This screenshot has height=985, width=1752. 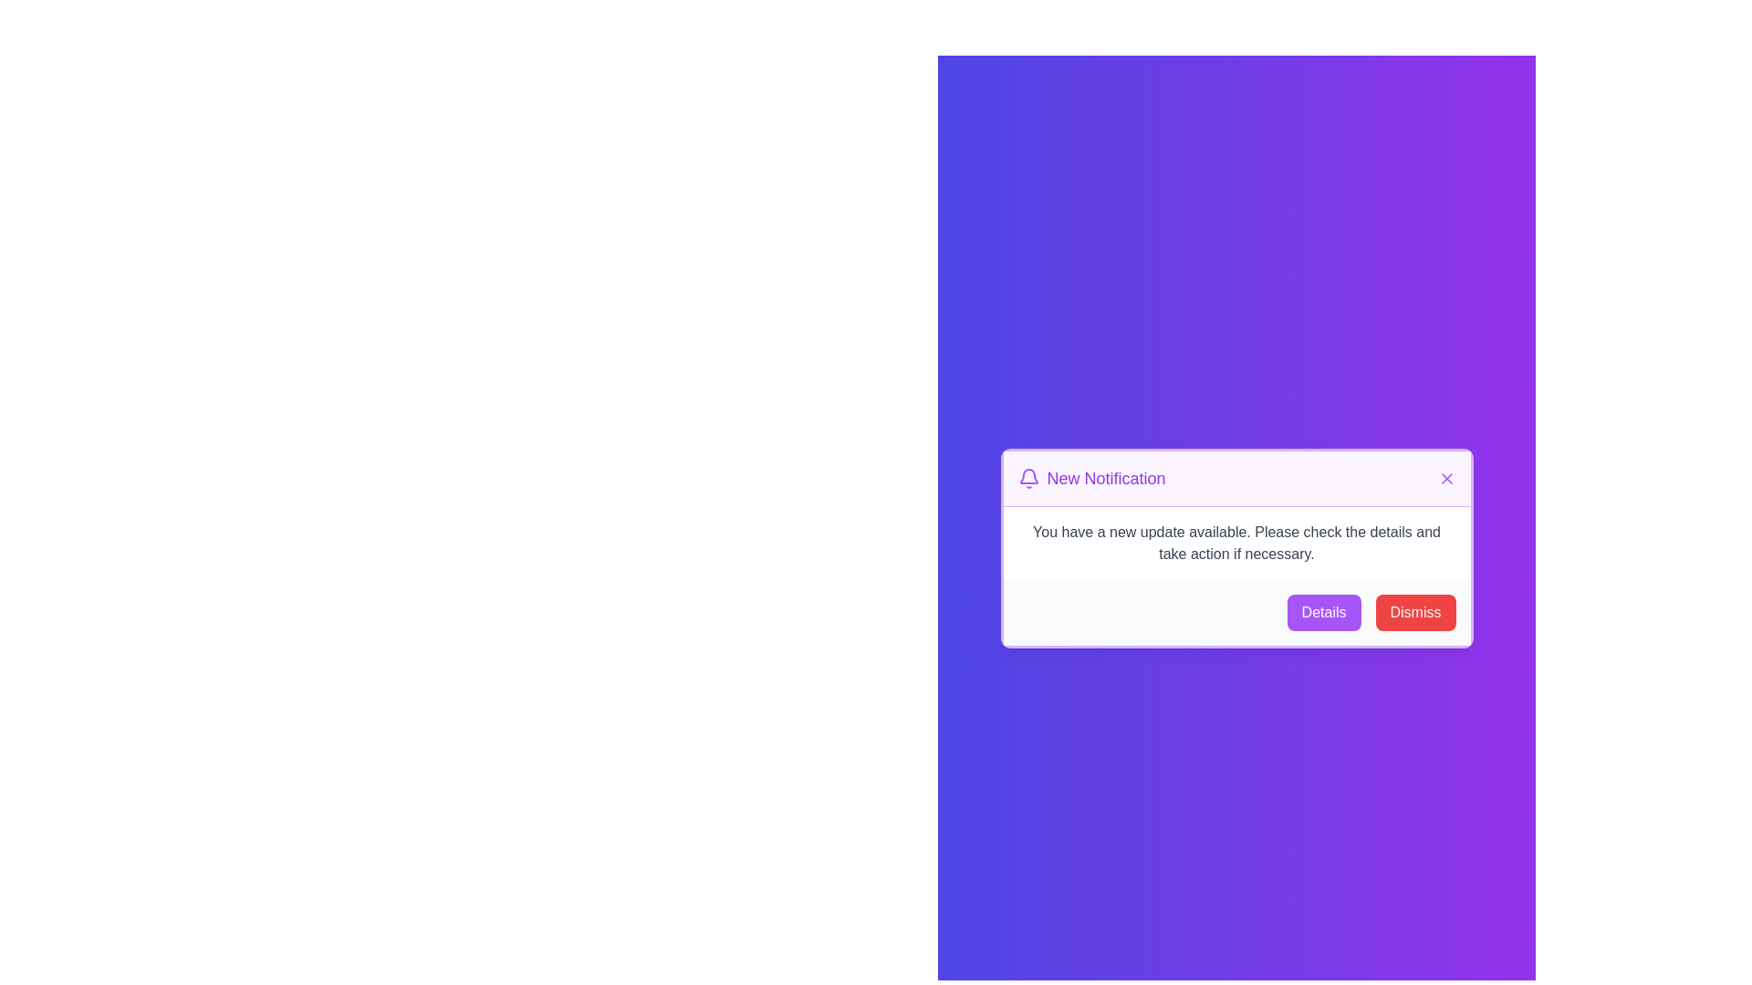 What do you see at coordinates (1414, 612) in the screenshot?
I see `the 'Dismiss' button located at the bottom right corner of the notification dialog` at bounding box center [1414, 612].